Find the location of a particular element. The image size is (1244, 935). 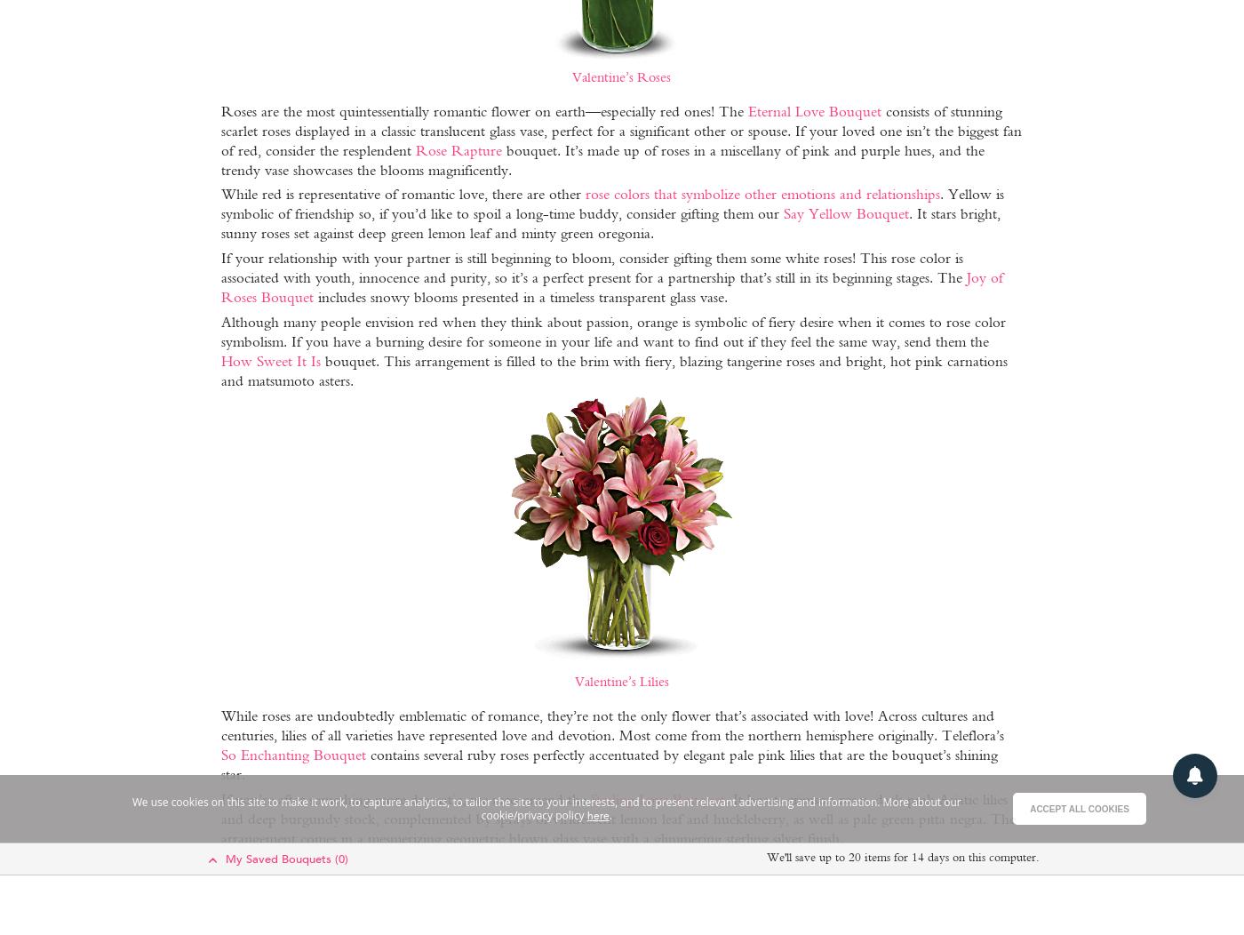

'We use cookies on this site to make it work, to capture analytics, to tailor the site to your interests, and to present relevant advertising and information. More about our cookie/privacy policy' is located at coordinates (546, 808).